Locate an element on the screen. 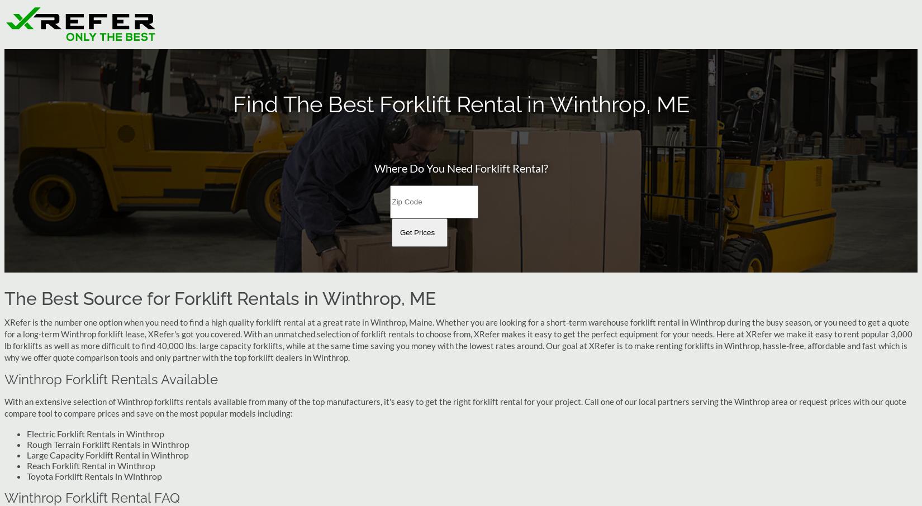  'Reach Forklift Rental in Winthrop' is located at coordinates (91, 465).